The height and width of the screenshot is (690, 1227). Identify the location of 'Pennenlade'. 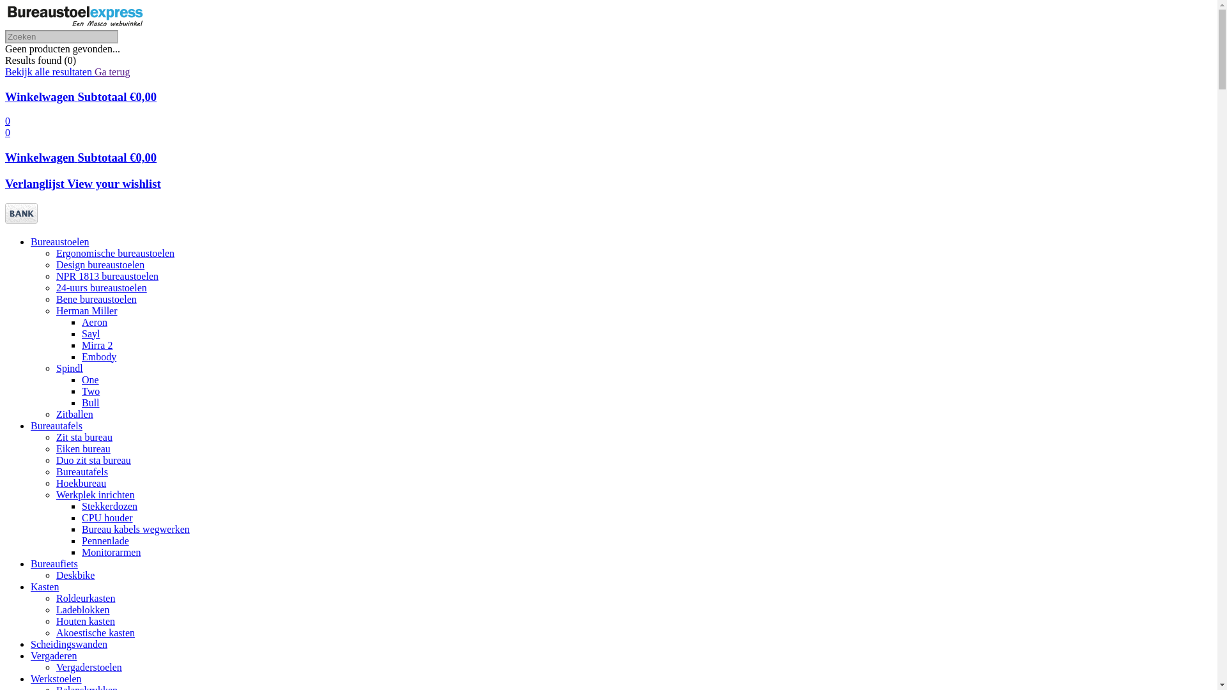
(105, 540).